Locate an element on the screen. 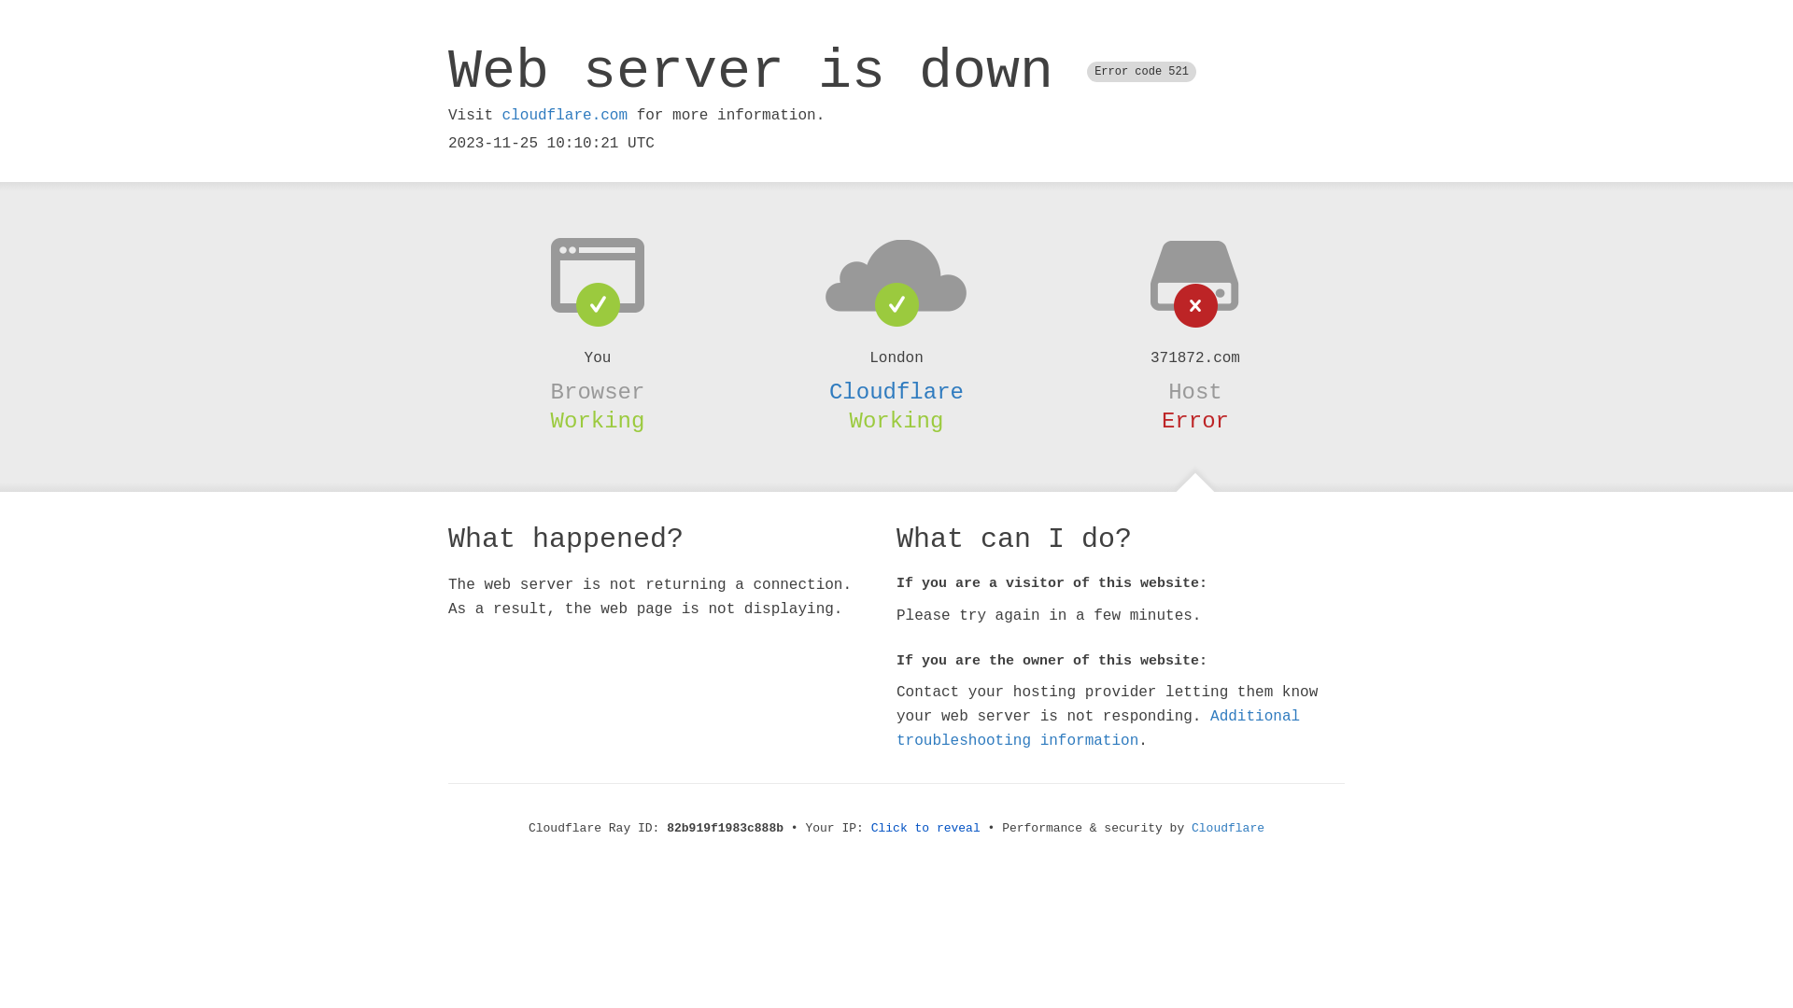 This screenshot has height=1008, width=1793. 'Cloudflare' is located at coordinates (1228, 827).